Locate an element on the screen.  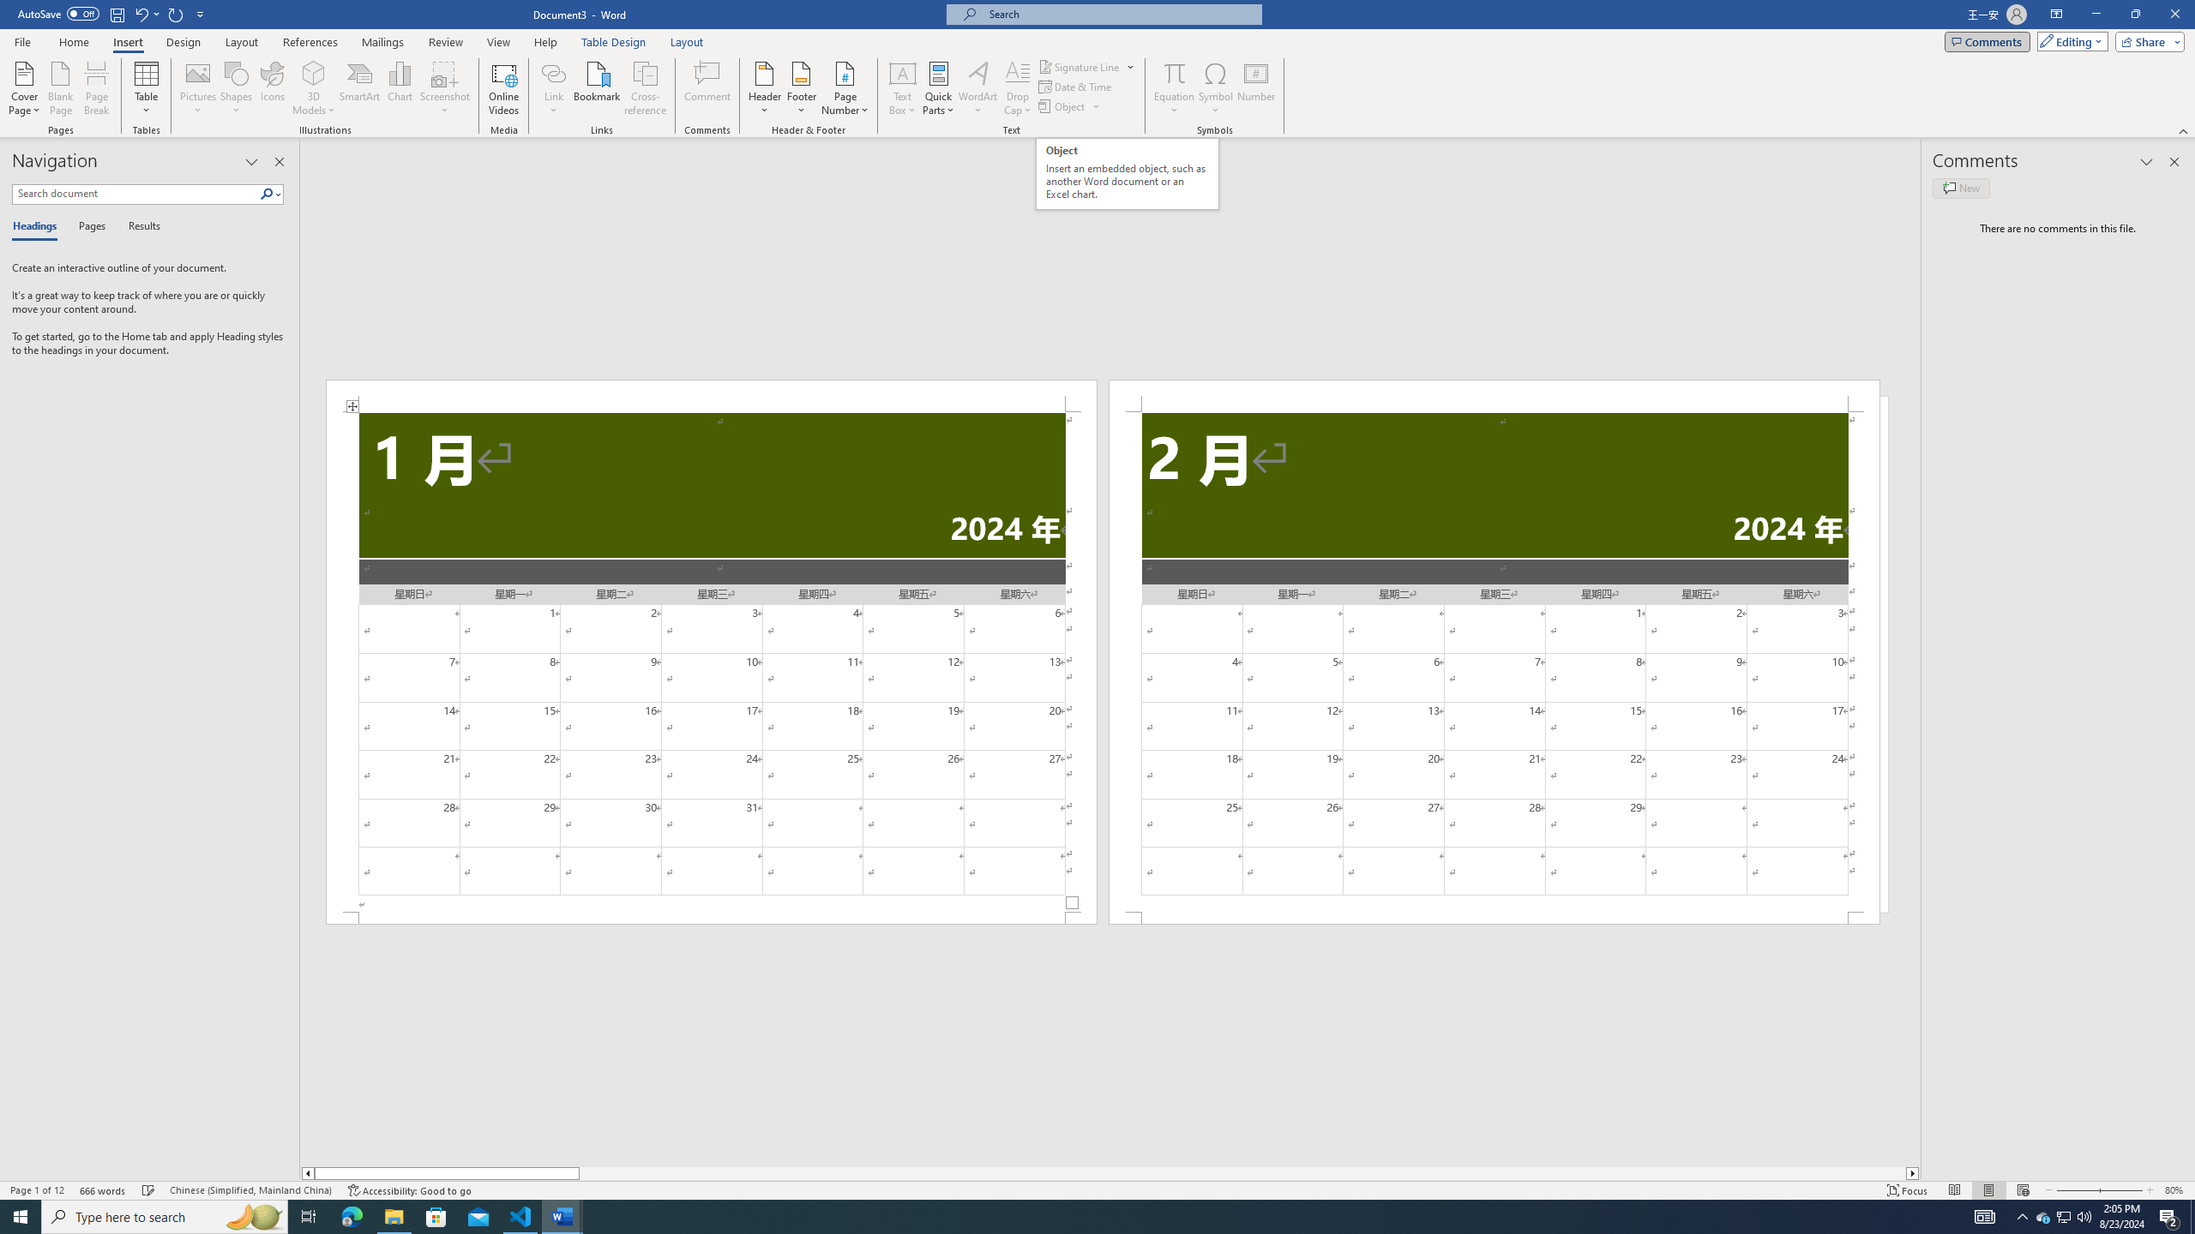
'Footer -Section 2-' is located at coordinates (1494, 918).